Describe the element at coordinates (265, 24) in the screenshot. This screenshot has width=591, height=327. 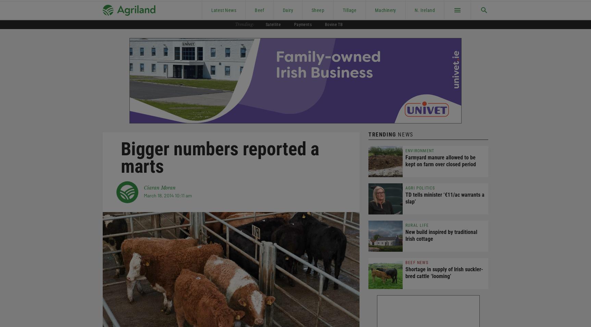
I see `'satellite'` at that location.